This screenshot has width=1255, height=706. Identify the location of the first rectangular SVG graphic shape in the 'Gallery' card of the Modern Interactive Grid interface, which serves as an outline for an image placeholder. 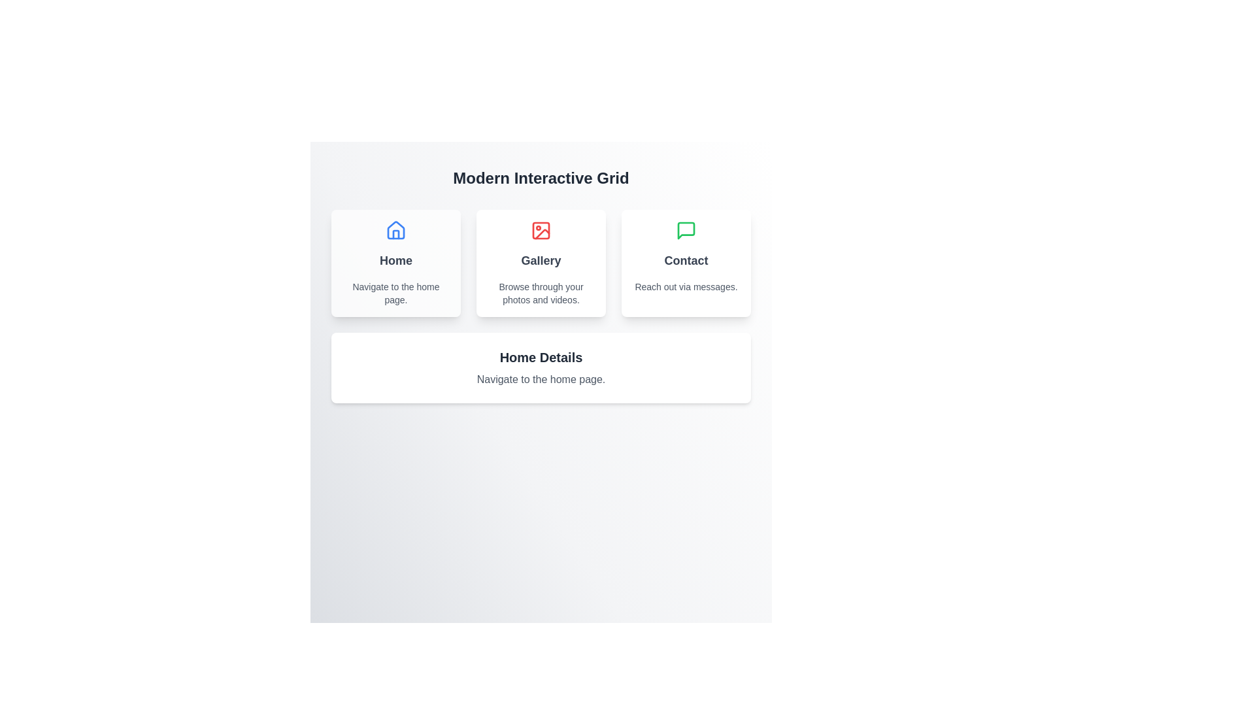
(541, 230).